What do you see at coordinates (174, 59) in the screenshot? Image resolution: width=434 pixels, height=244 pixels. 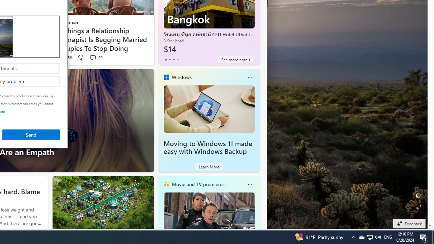 I see `'tab-2'` at bounding box center [174, 59].